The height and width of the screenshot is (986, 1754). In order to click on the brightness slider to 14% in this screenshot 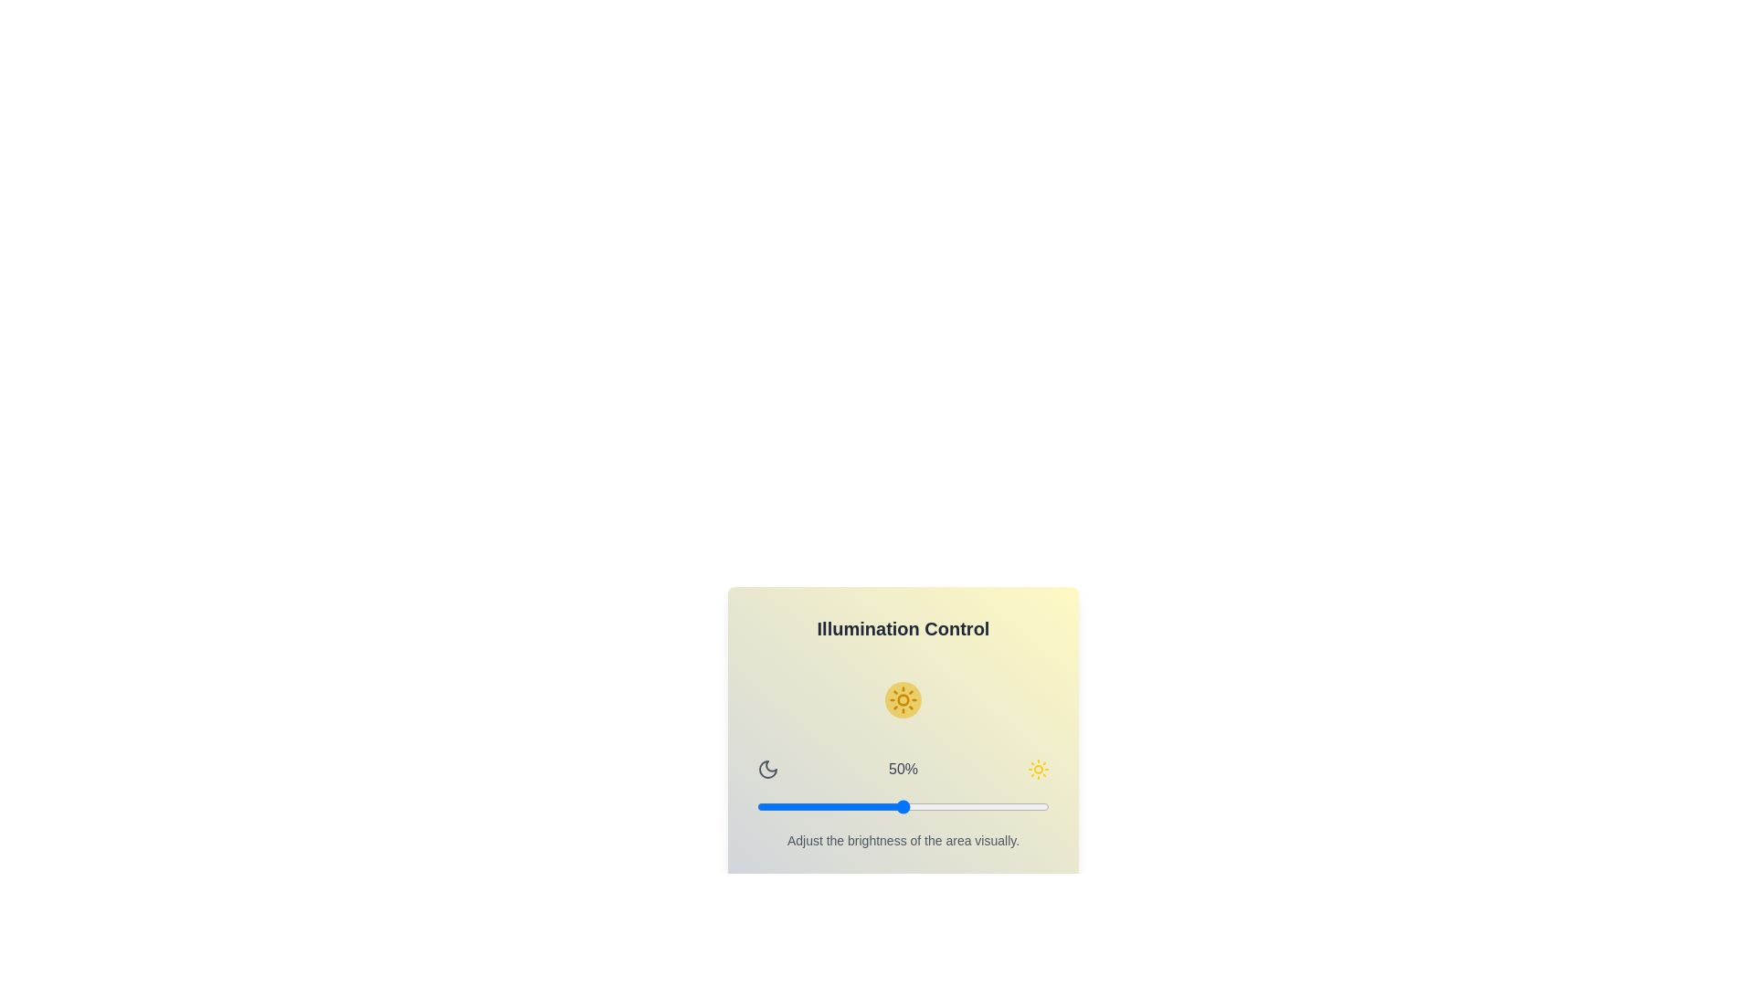, I will do `click(798, 805)`.